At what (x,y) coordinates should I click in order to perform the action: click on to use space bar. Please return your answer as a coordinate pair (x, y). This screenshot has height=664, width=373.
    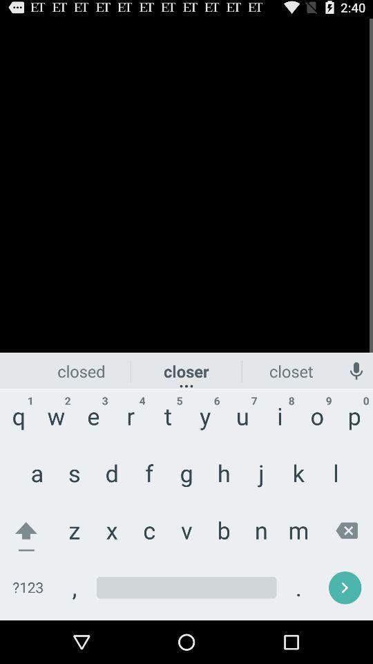
    Looking at the image, I should click on (186, 587).